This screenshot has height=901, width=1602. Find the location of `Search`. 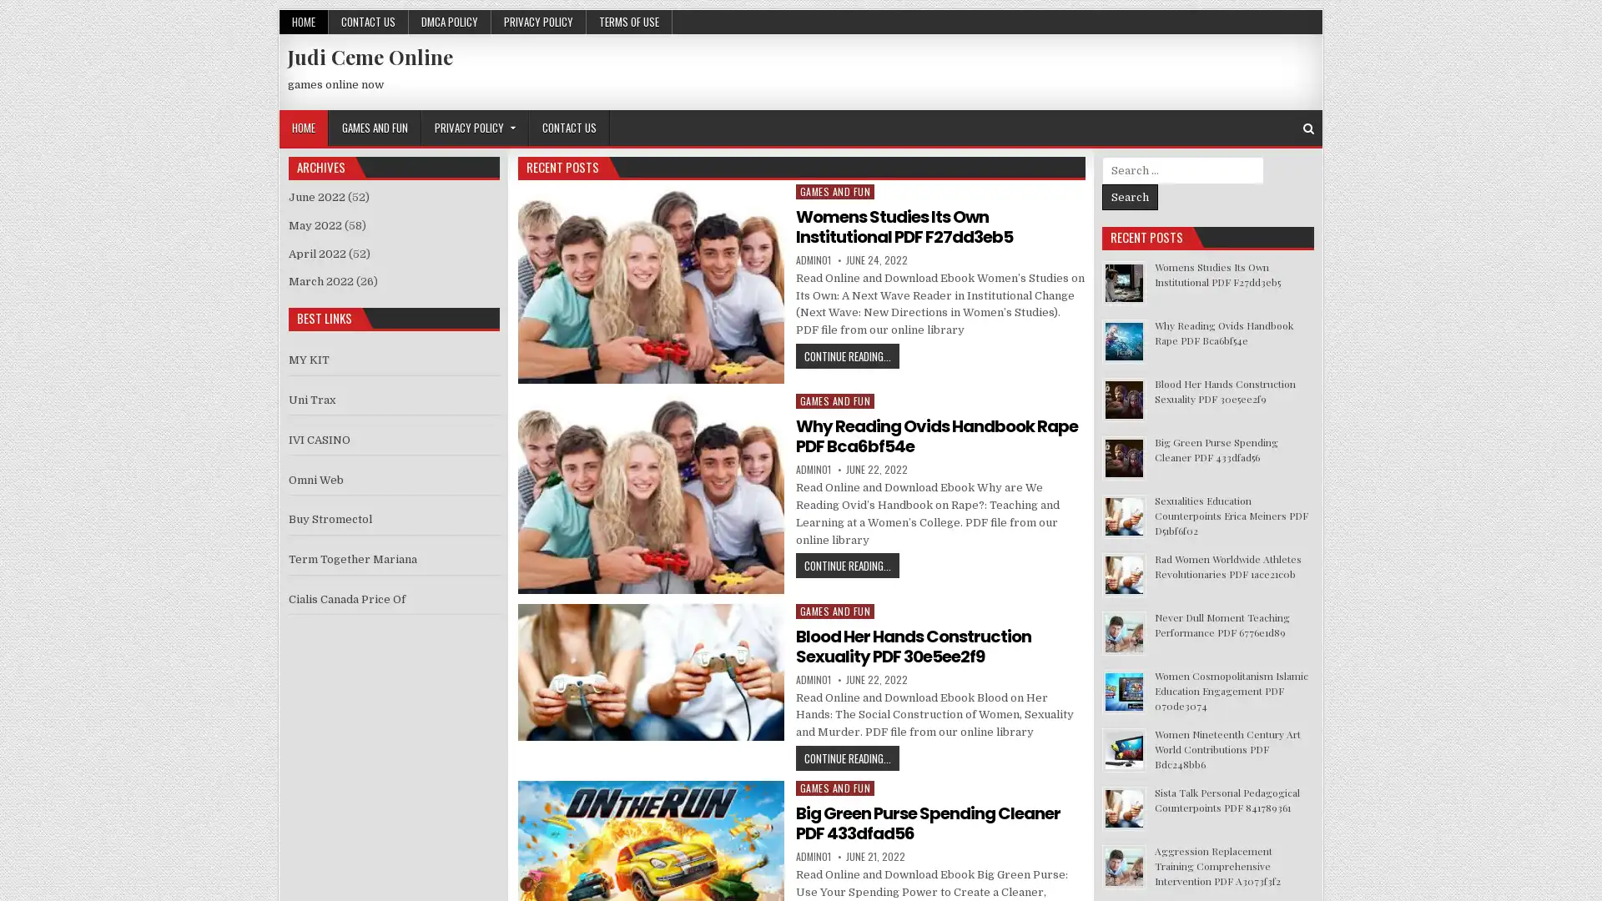

Search is located at coordinates (1130, 196).